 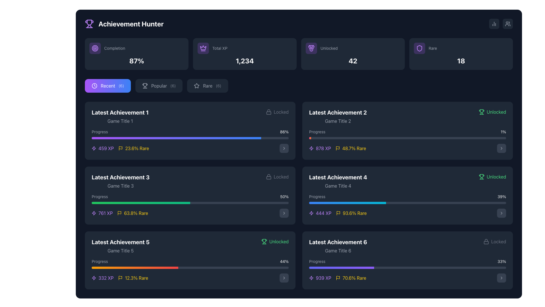 What do you see at coordinates (354, 148) in the screenshot?
I see `the text label displaying '48.7% Rare', which is bright yellow and part of the 'Latest Achievement 2' section, located to the right of a flag-shaped icon` at bounding box center [354, 148].